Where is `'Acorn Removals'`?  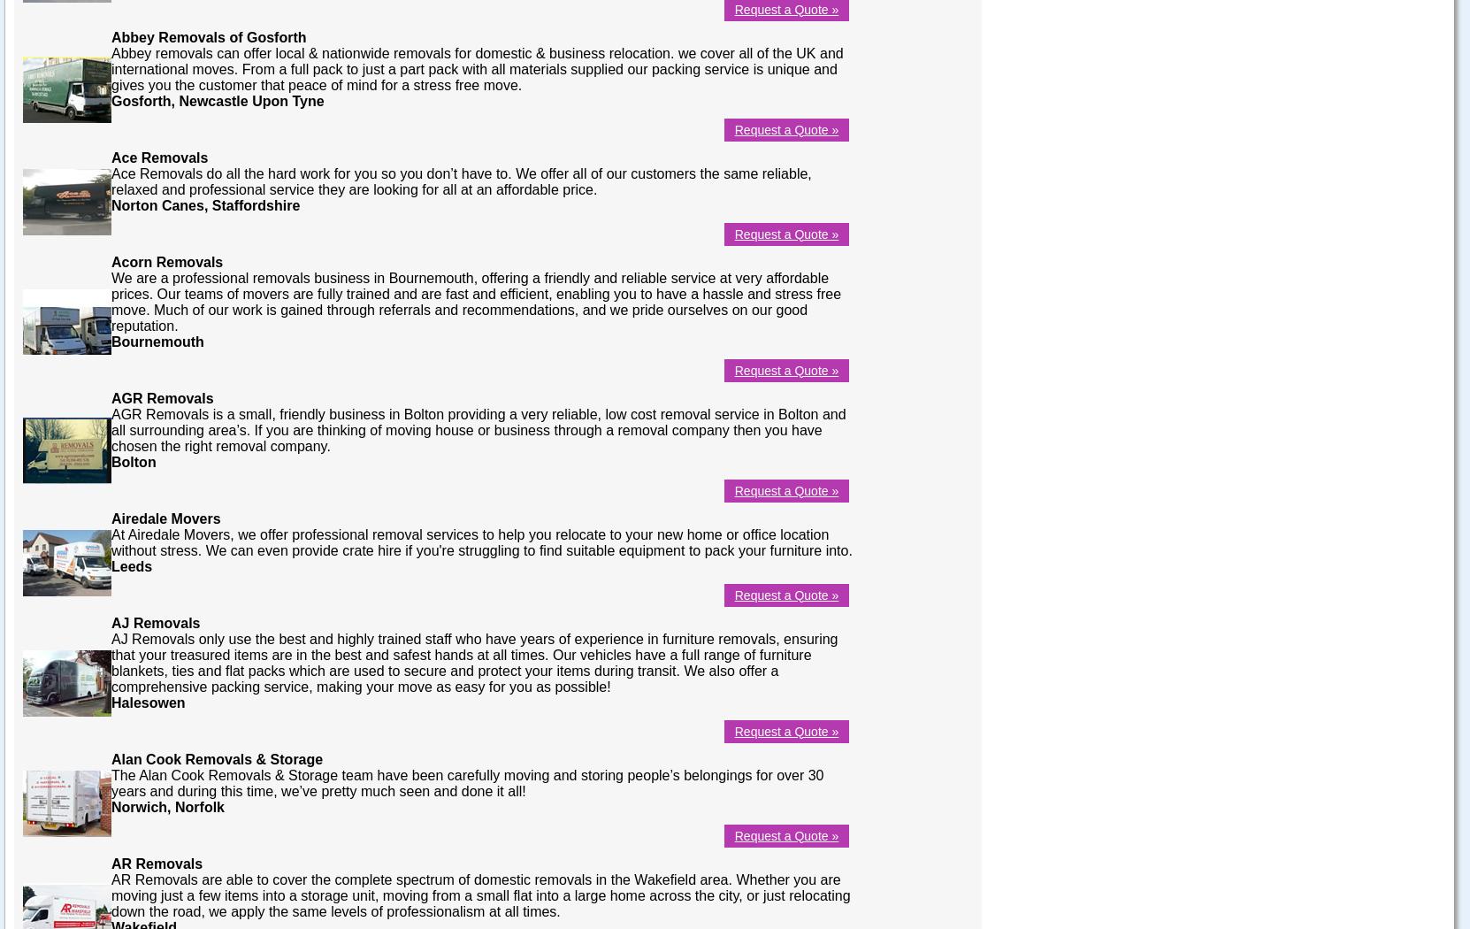 'Acorn Removals' is located at coordinates (165, 260).